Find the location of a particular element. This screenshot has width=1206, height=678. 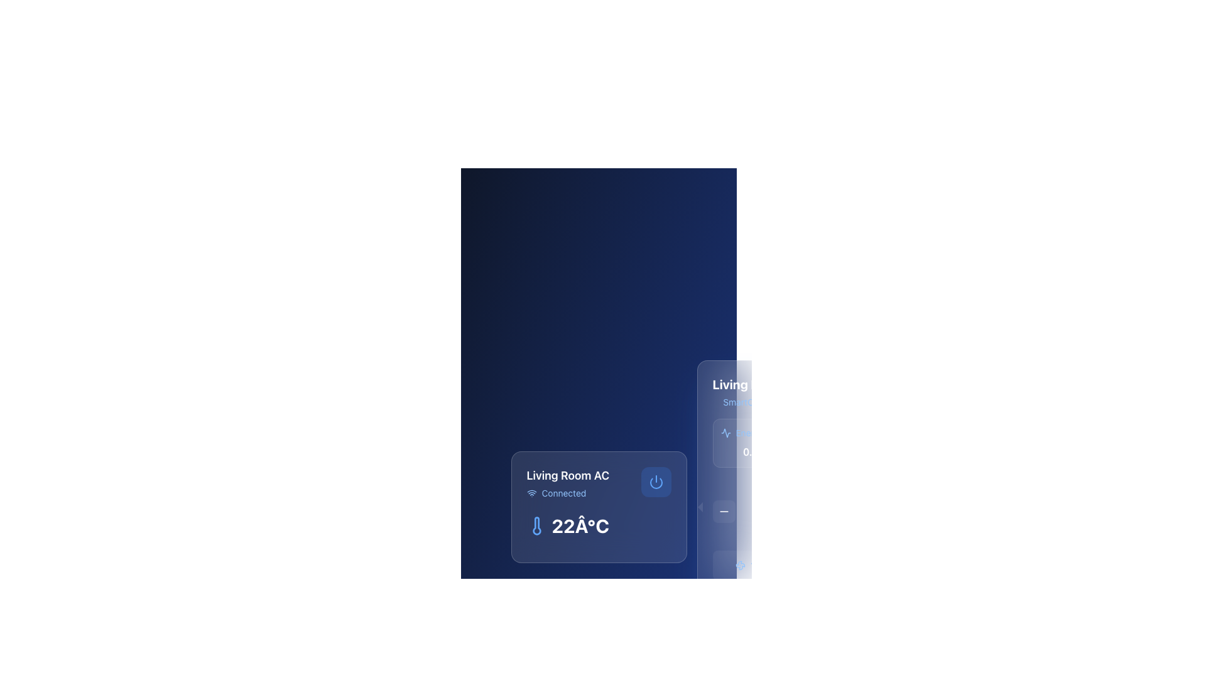

the thermometer icon located at the leftmost side of the '22°C' text block in the widget for 'Living Room AC' is located at coordinates (536, 525).